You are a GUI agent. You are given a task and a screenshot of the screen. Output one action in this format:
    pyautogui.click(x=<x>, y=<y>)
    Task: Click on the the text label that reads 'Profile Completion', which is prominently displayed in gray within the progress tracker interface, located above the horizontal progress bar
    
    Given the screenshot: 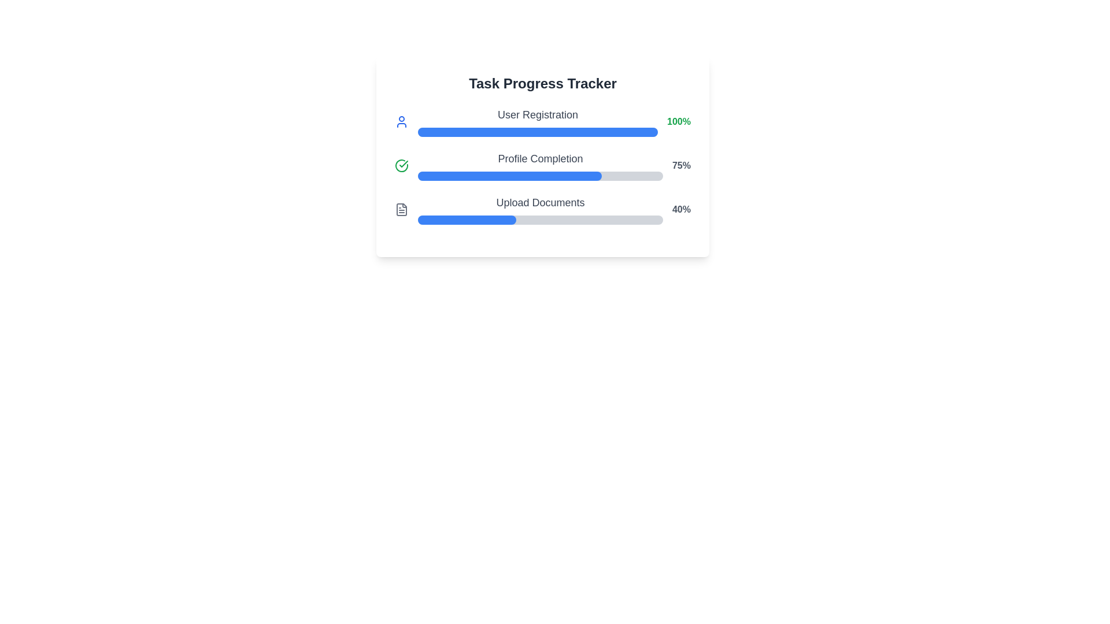 What is the action you would take?
    pyautogui.click(x=540, y=158)
    